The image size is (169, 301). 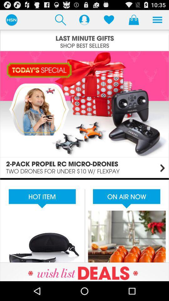 What do you see at coordinates (84, 272) in the screenshot?
I see `visit advertisement site` at bounding box center [84, 272].